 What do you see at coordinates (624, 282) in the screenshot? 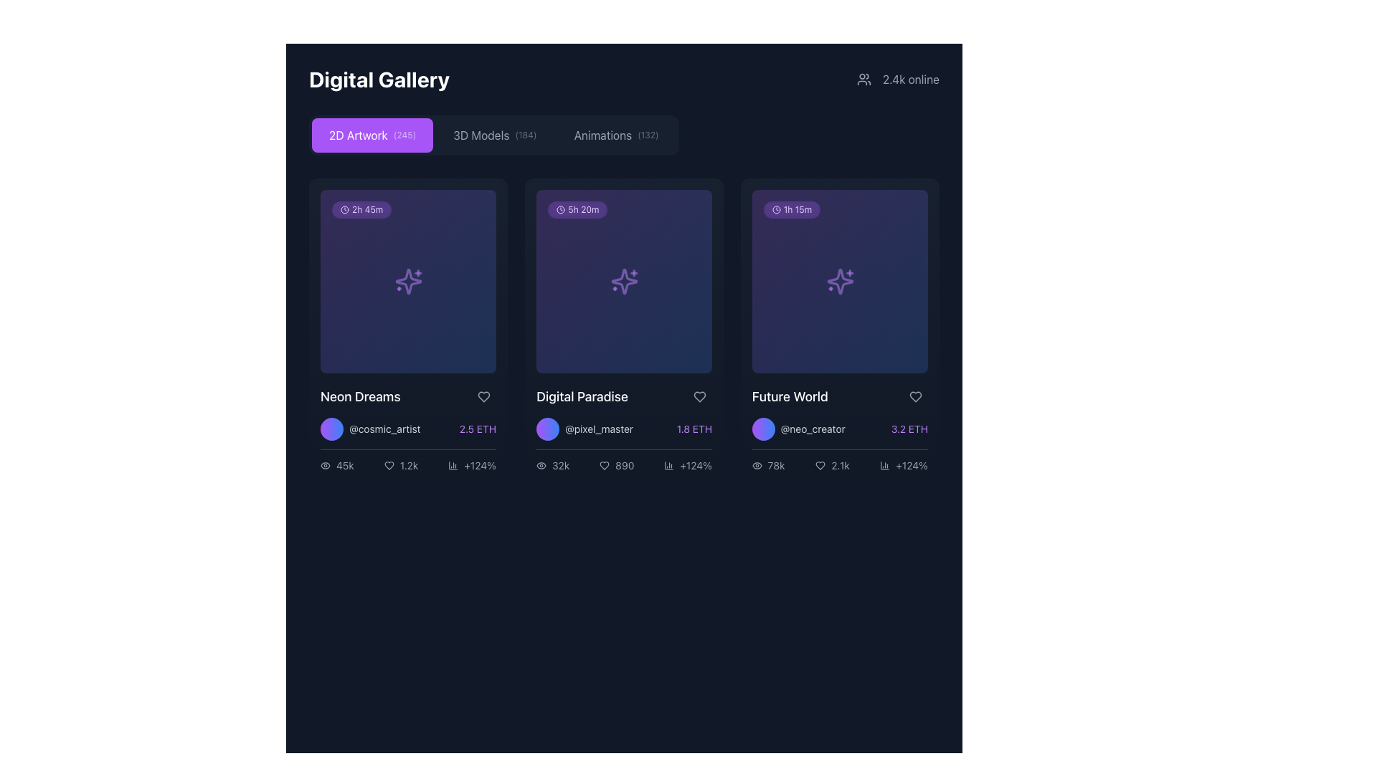
I see `the sparkly decorative icon located in the center of the 'Digital Paradise' card in the top row of the gallery section` at bounding box center [624, 282].